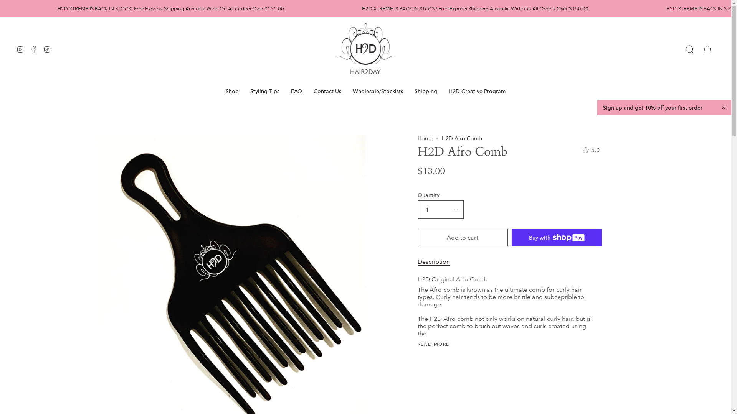 The width and height of the screenshot is (737, 414). What do you see at coordinates (33, 49) in the screenshot?
I see `'Facebook'` at bounding box center [33, 49].